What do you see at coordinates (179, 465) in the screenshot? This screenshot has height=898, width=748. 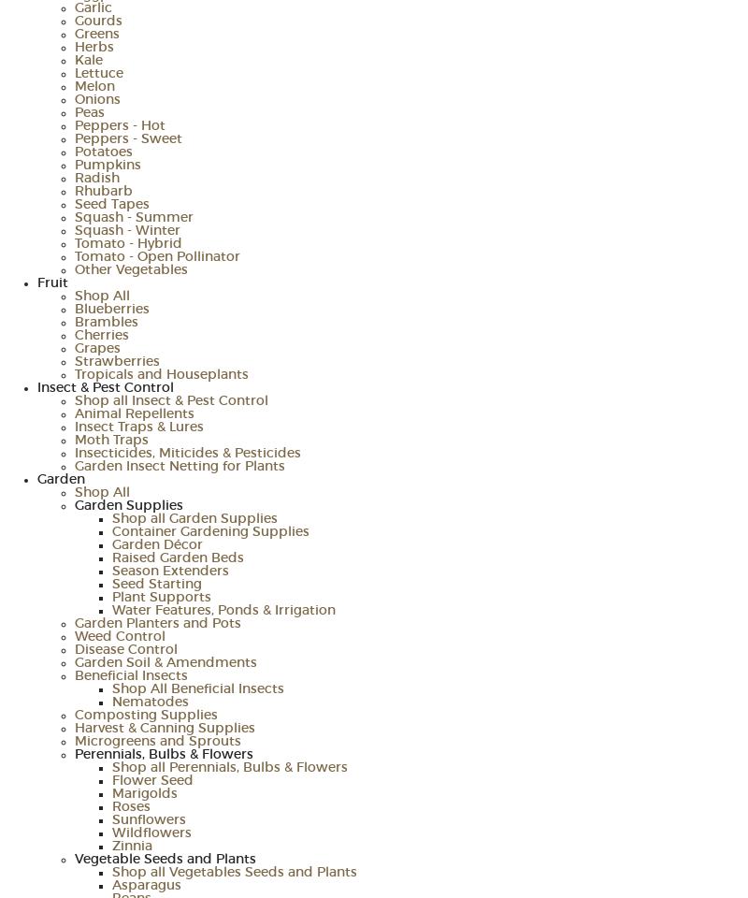 I see `'Garden Insect Netting for Plants'` at bounding box center [179, 465].